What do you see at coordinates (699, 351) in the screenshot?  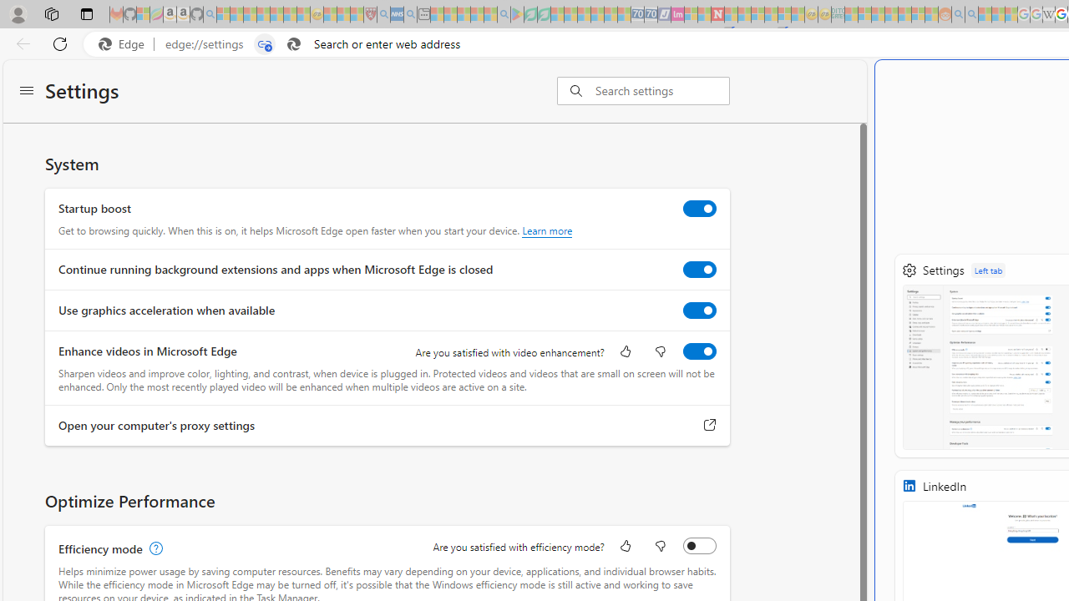 I see `'Enhance videos in Microsoft Edge'` at bounding box center [699, 351].